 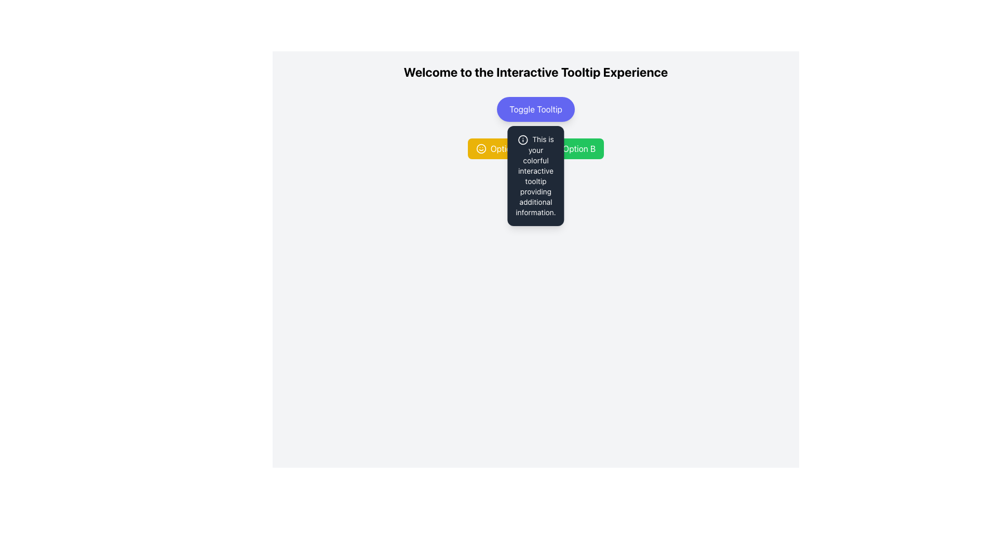 What do you see at coordinates (523, 140) in the screenshot?
I see `the icon that visually indicates additional information in the tooltip, located near the top of the dark rectangular tooltip box, slightly to the left of the textual content` at bounding box center [523, 140].